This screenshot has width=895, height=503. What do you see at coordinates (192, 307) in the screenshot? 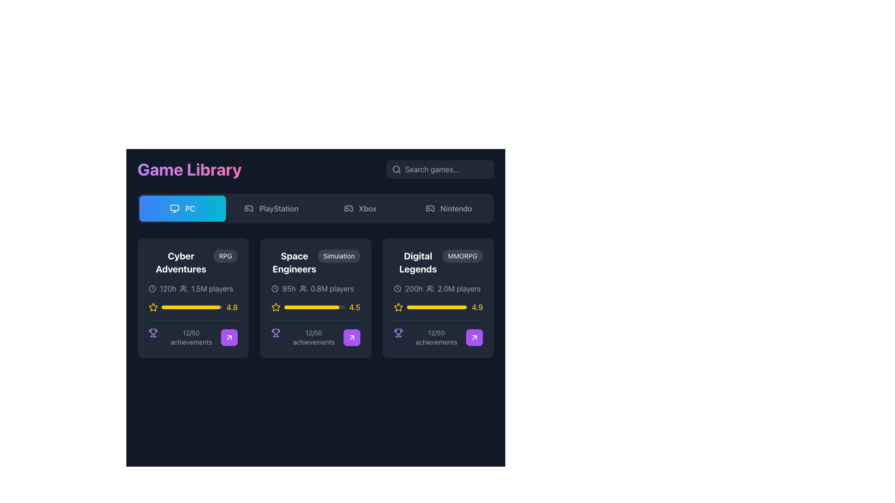
I see `the progress bar that is centrally positioned within a rating indicator group, located between a yellow star icon on the left and the text '4.8' on the right` at bounding box center [192, 307].